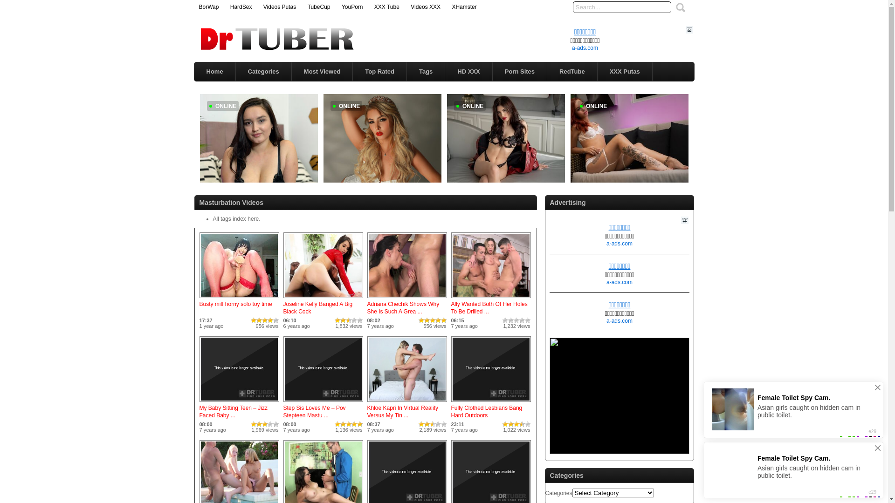  What do you see at coordinates (403, 307) in the screenshot?
I see `'Adriana Chechik Shows Why She Is Such A Grea ...'` at bounding box center [403, 307].